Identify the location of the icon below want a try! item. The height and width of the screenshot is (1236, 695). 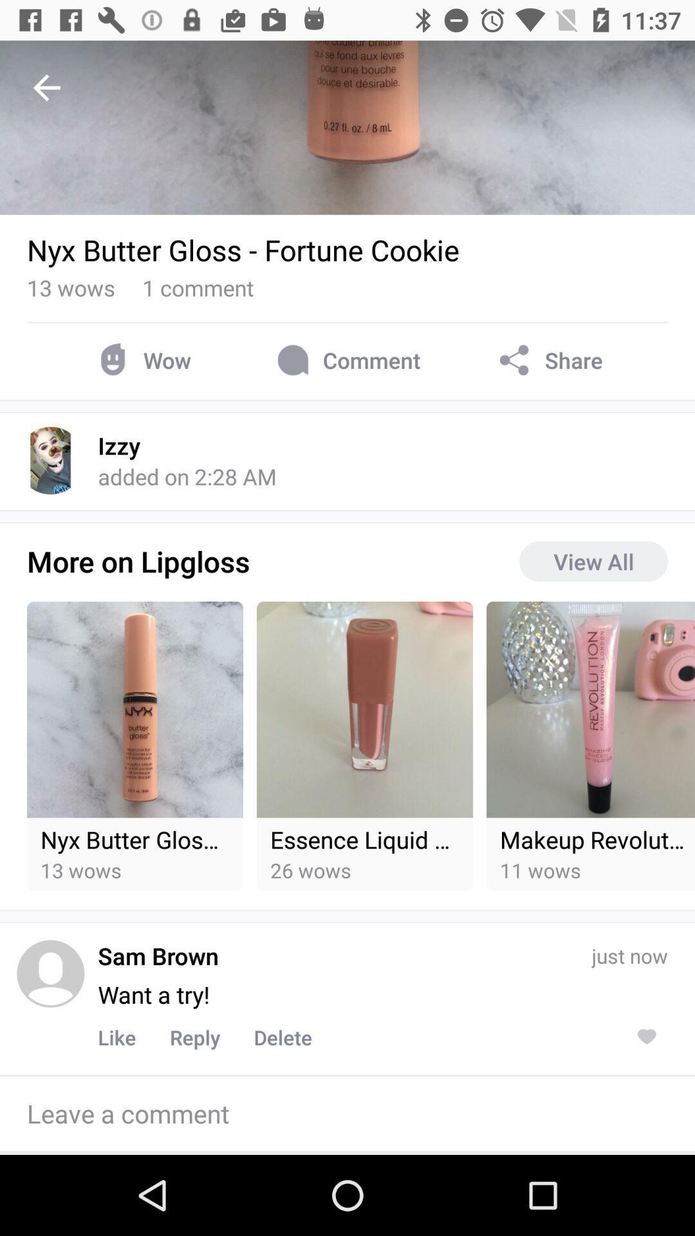
(195, 1037).